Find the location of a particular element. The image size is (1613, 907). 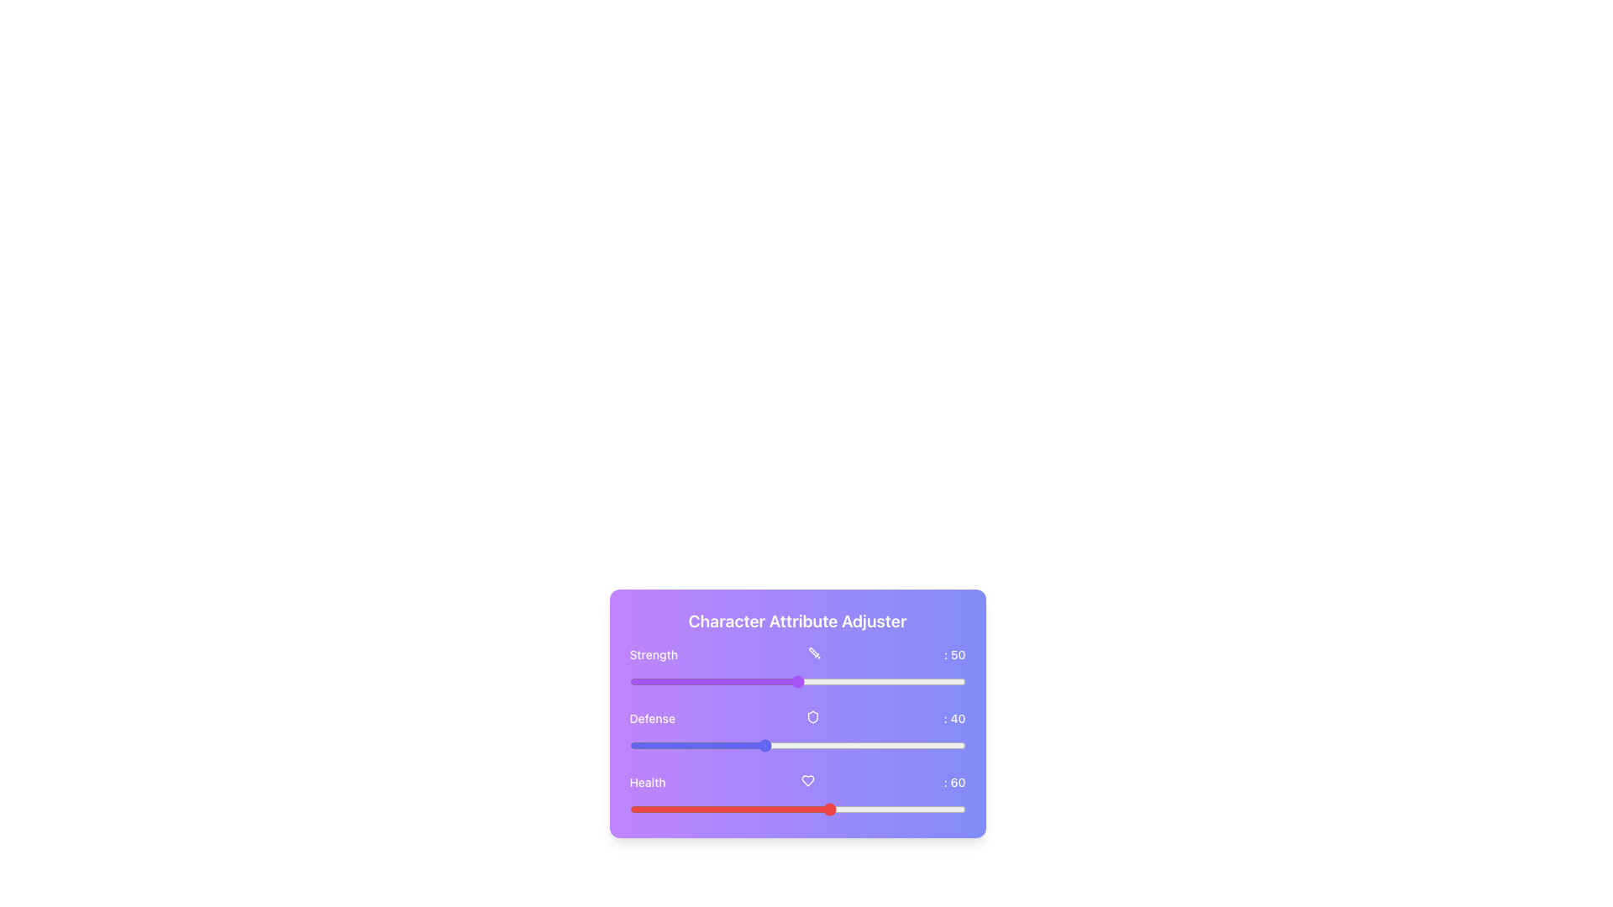

health is located at coordinates (914, 809).